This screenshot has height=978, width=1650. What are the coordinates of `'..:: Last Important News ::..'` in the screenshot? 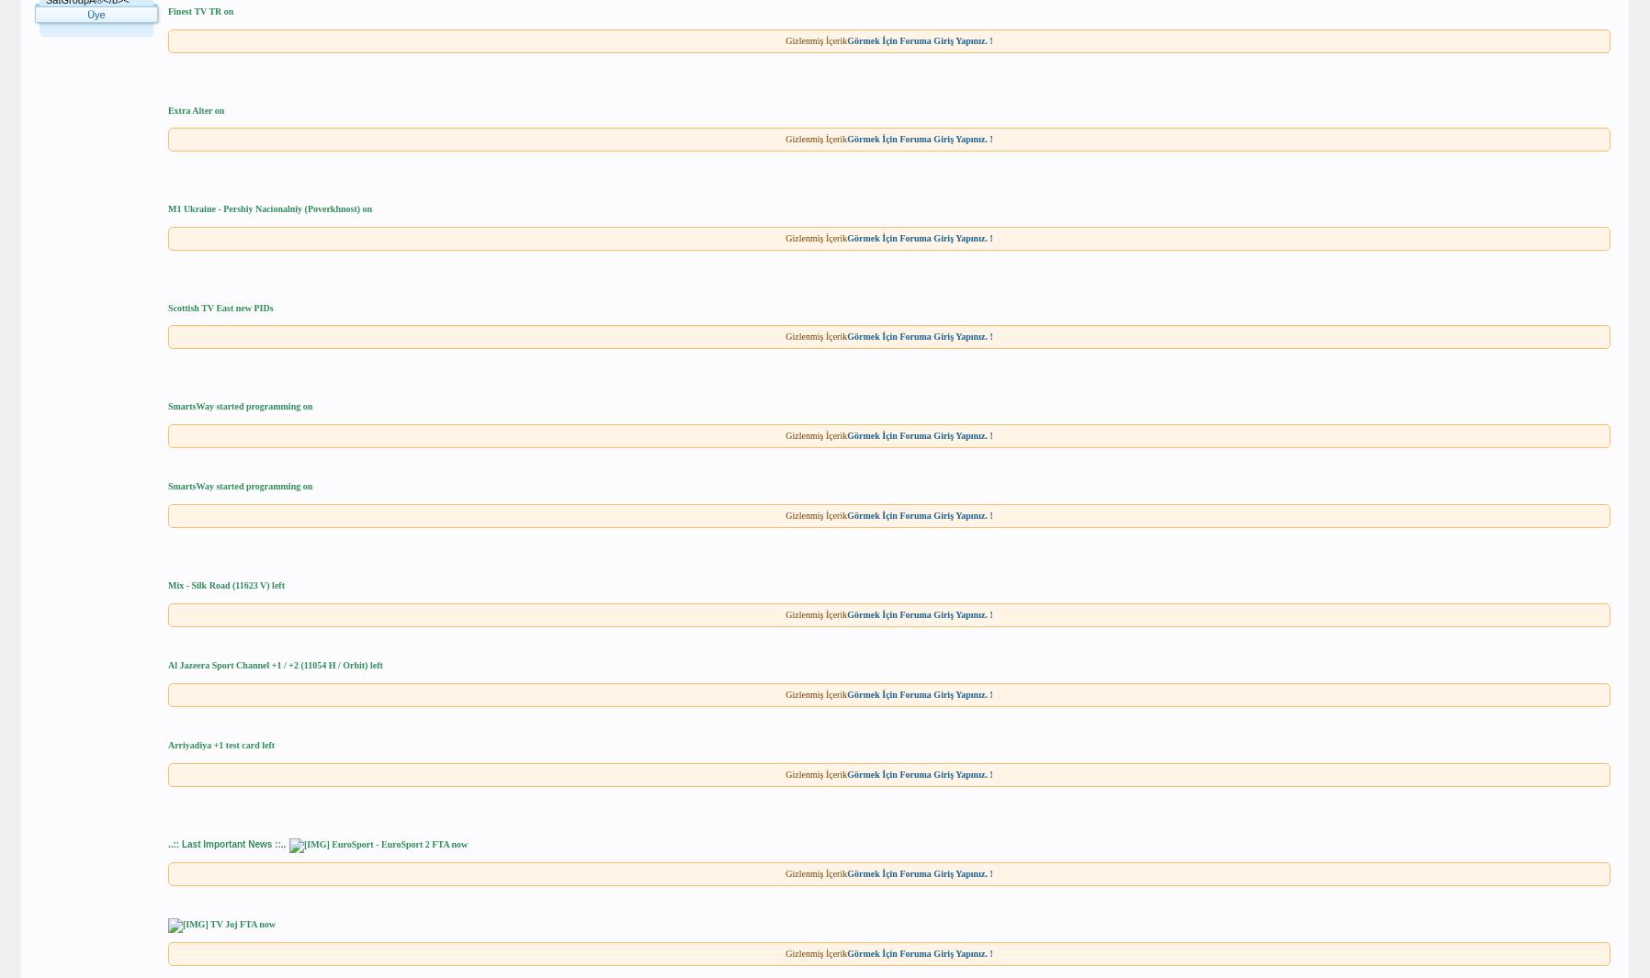 It's located at (226, 843).